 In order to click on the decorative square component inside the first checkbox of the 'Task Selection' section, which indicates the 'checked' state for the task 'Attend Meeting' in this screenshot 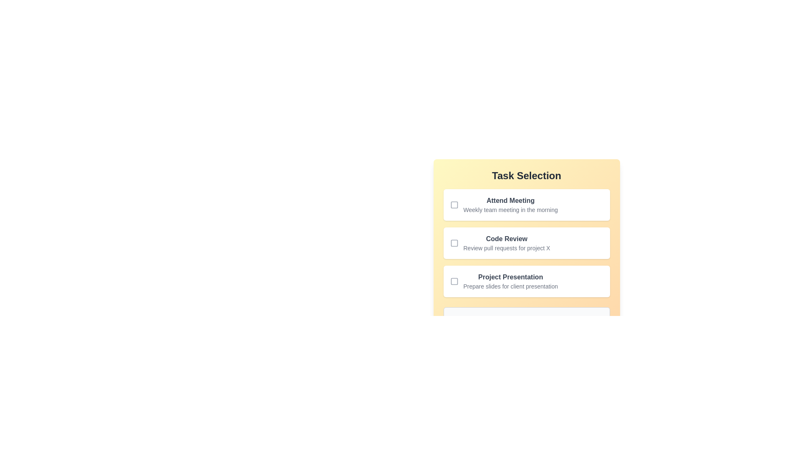, I will do `click(454, 205)`.